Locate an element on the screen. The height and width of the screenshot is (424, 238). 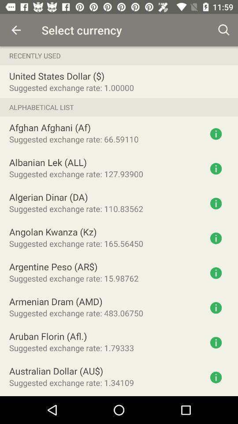
provides info is located at coordinates (216, 308).